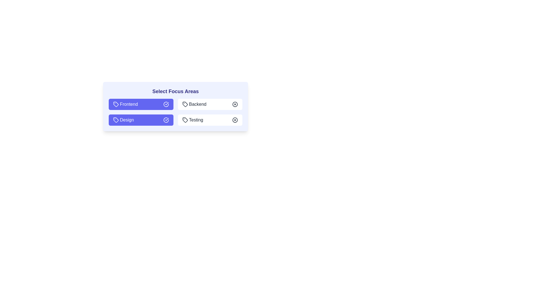 This screenshot has width=538, height=303. What do you see at coordinates (210, 120) in the screenshot?
I see `the label Testing to toggle its selection state` at bounding box center [210, 120].